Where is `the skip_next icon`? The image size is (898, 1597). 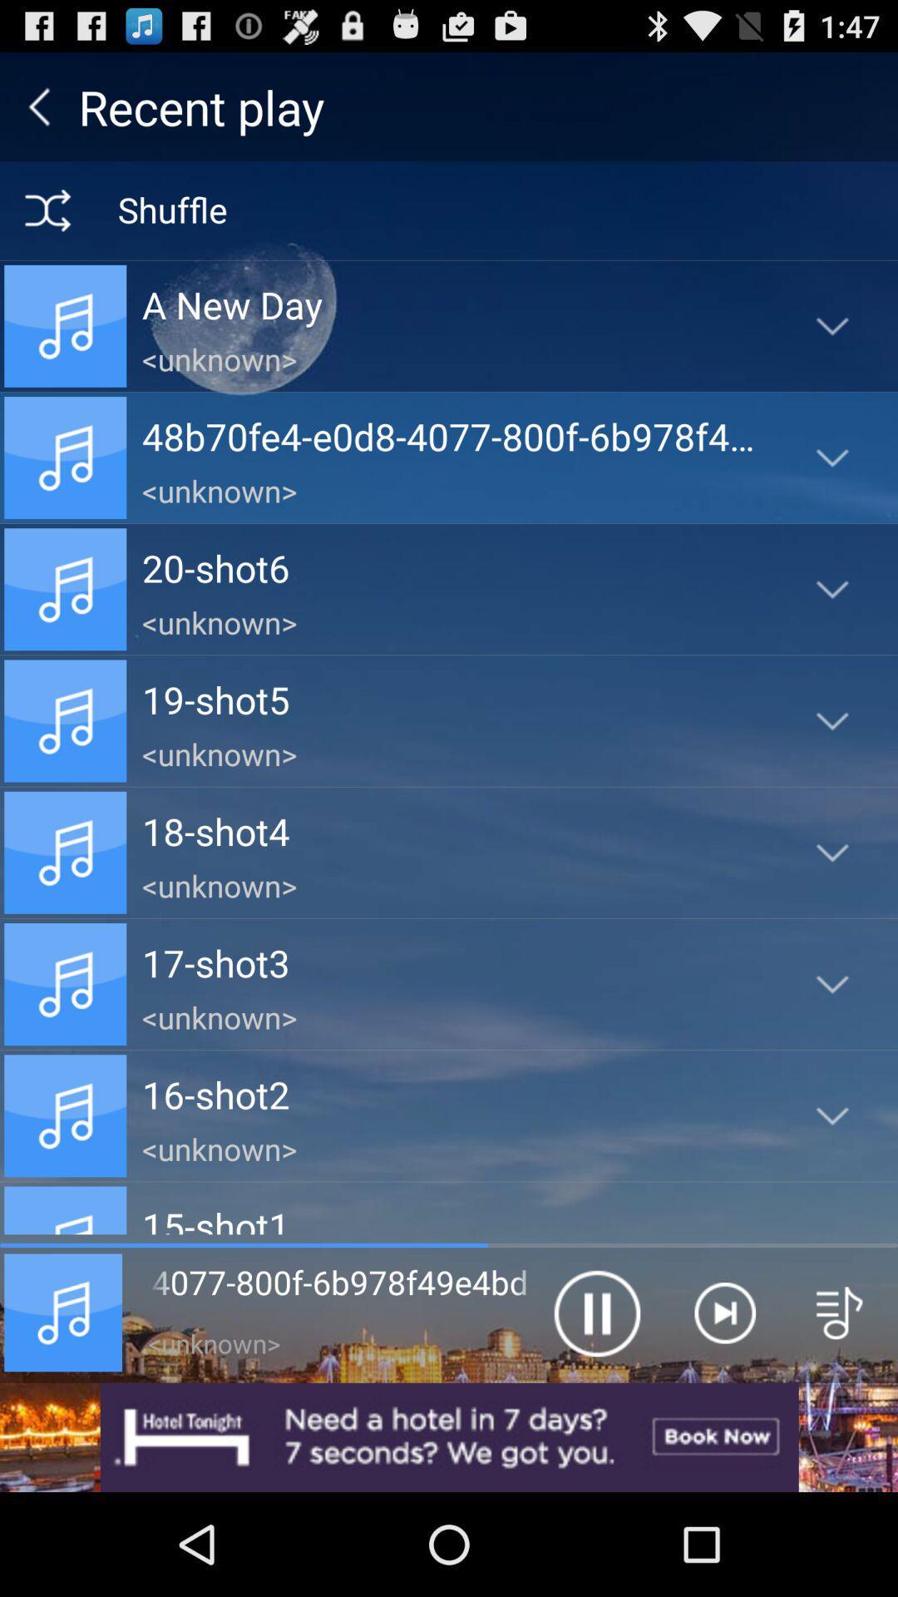
the skip_next icon is located at coordinates (723, 1404).